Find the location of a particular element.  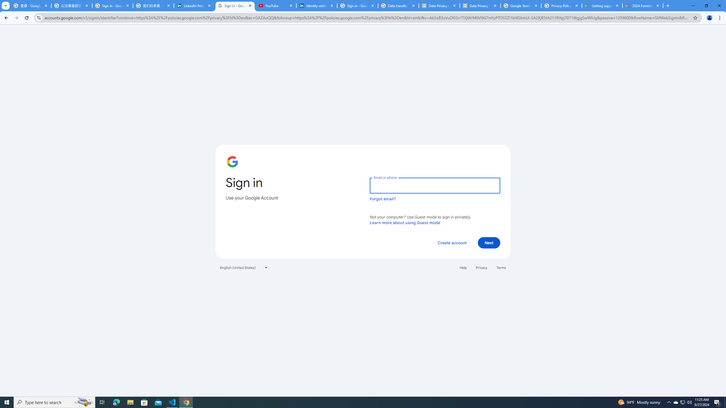

'LinkedIn Privacy Policy' is located at coordinates (194, 5).